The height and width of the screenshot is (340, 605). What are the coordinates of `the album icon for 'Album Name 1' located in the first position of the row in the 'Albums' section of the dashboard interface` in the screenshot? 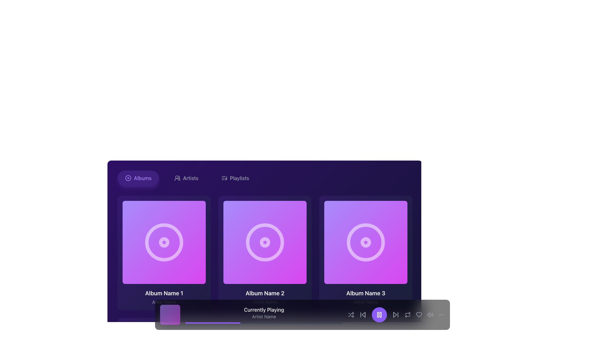 It's located at (164, 242).